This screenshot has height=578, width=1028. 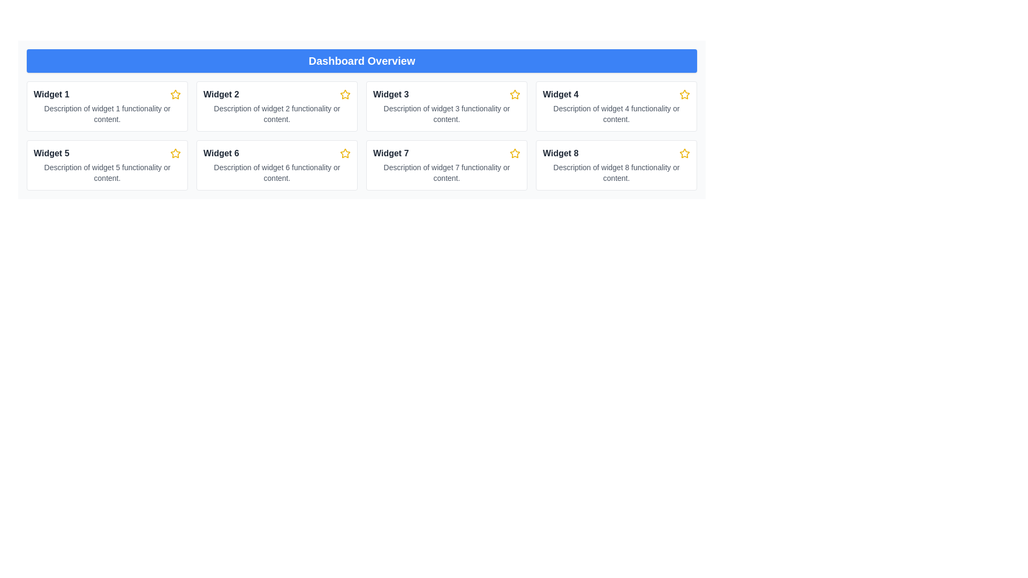 I want to click on the star icon in the top-right corner of the 'Widget 3' card to mark or unmark it as a favorite, so click(x=515, y=94).